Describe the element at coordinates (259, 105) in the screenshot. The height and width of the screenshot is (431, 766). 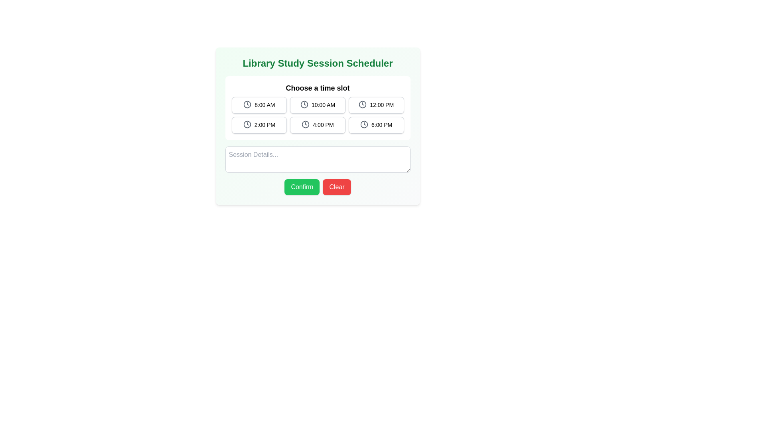
I see `the rectangular button with rounded corners that contains a clock icon and the text '8:00 AM'` at that location.